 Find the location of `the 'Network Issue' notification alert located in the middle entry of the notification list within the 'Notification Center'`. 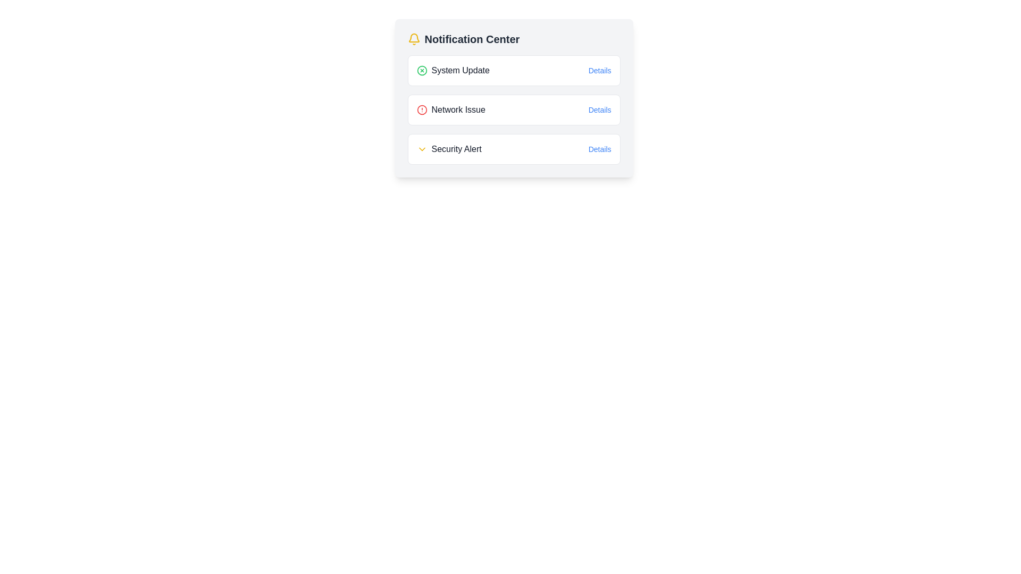

the 'Network Issue' notification alert located in the middle entry of the notification list within the 'Notification Center' is located at coordinates (451, 110).